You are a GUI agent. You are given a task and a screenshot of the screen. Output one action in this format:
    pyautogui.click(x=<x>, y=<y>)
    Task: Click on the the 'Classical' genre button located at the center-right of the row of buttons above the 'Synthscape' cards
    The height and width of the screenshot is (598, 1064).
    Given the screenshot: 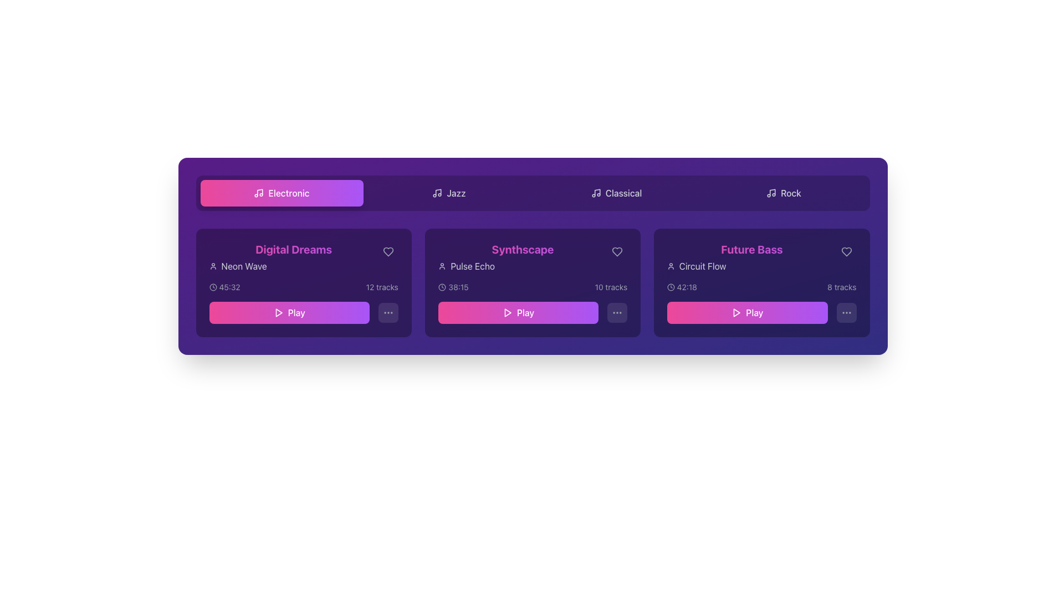 What is the action you would take?
    pyautogui.click(x=616, y=192)
    